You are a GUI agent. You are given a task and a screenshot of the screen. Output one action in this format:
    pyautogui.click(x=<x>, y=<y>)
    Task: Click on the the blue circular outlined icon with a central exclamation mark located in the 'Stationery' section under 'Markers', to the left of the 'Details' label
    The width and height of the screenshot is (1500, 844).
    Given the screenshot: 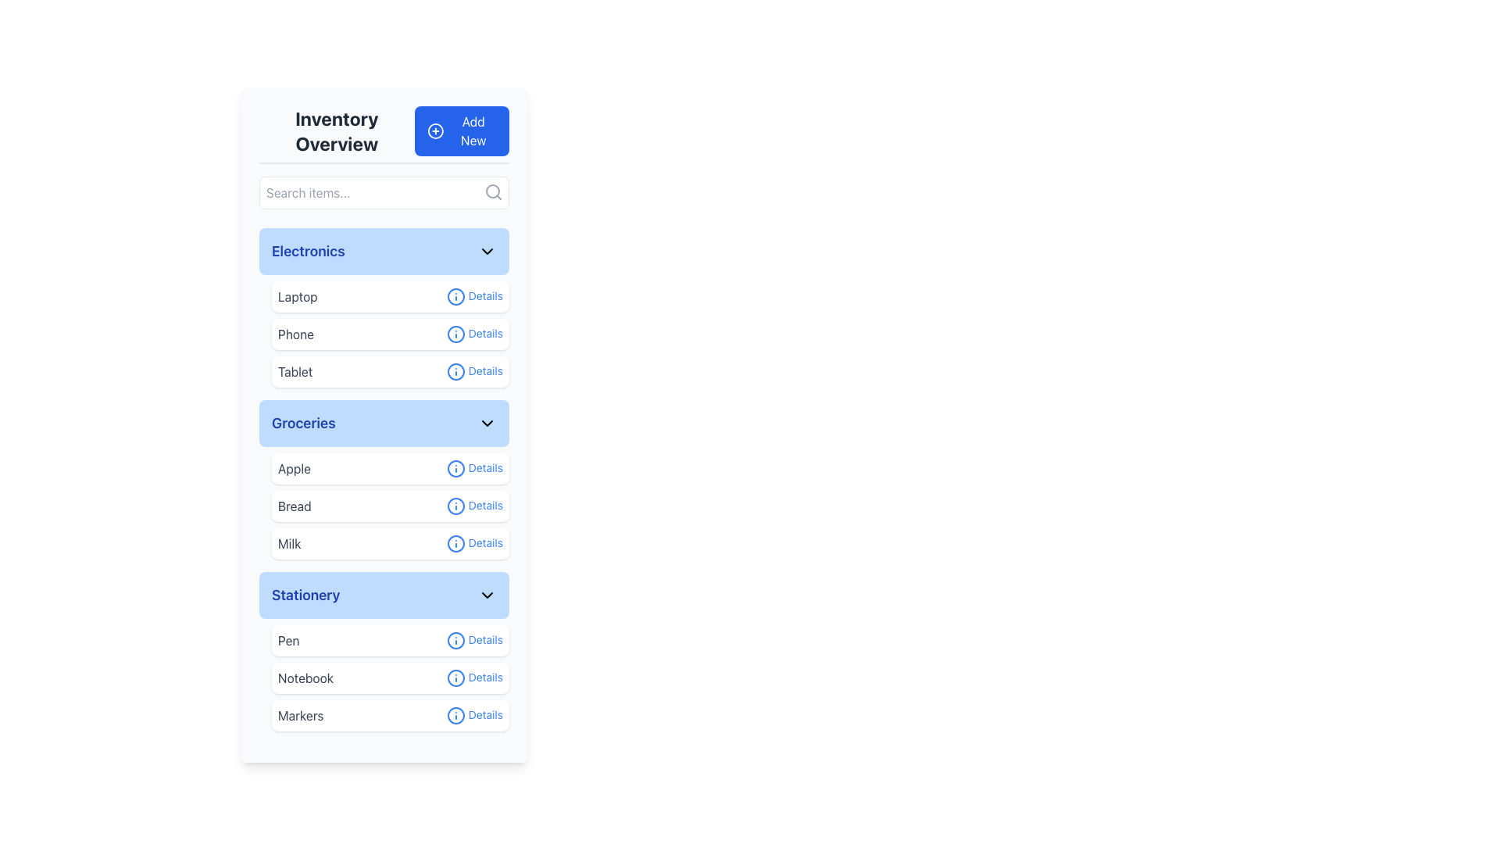 What is the action you would take?
    pyautogui.click(x=455, y=715)
    